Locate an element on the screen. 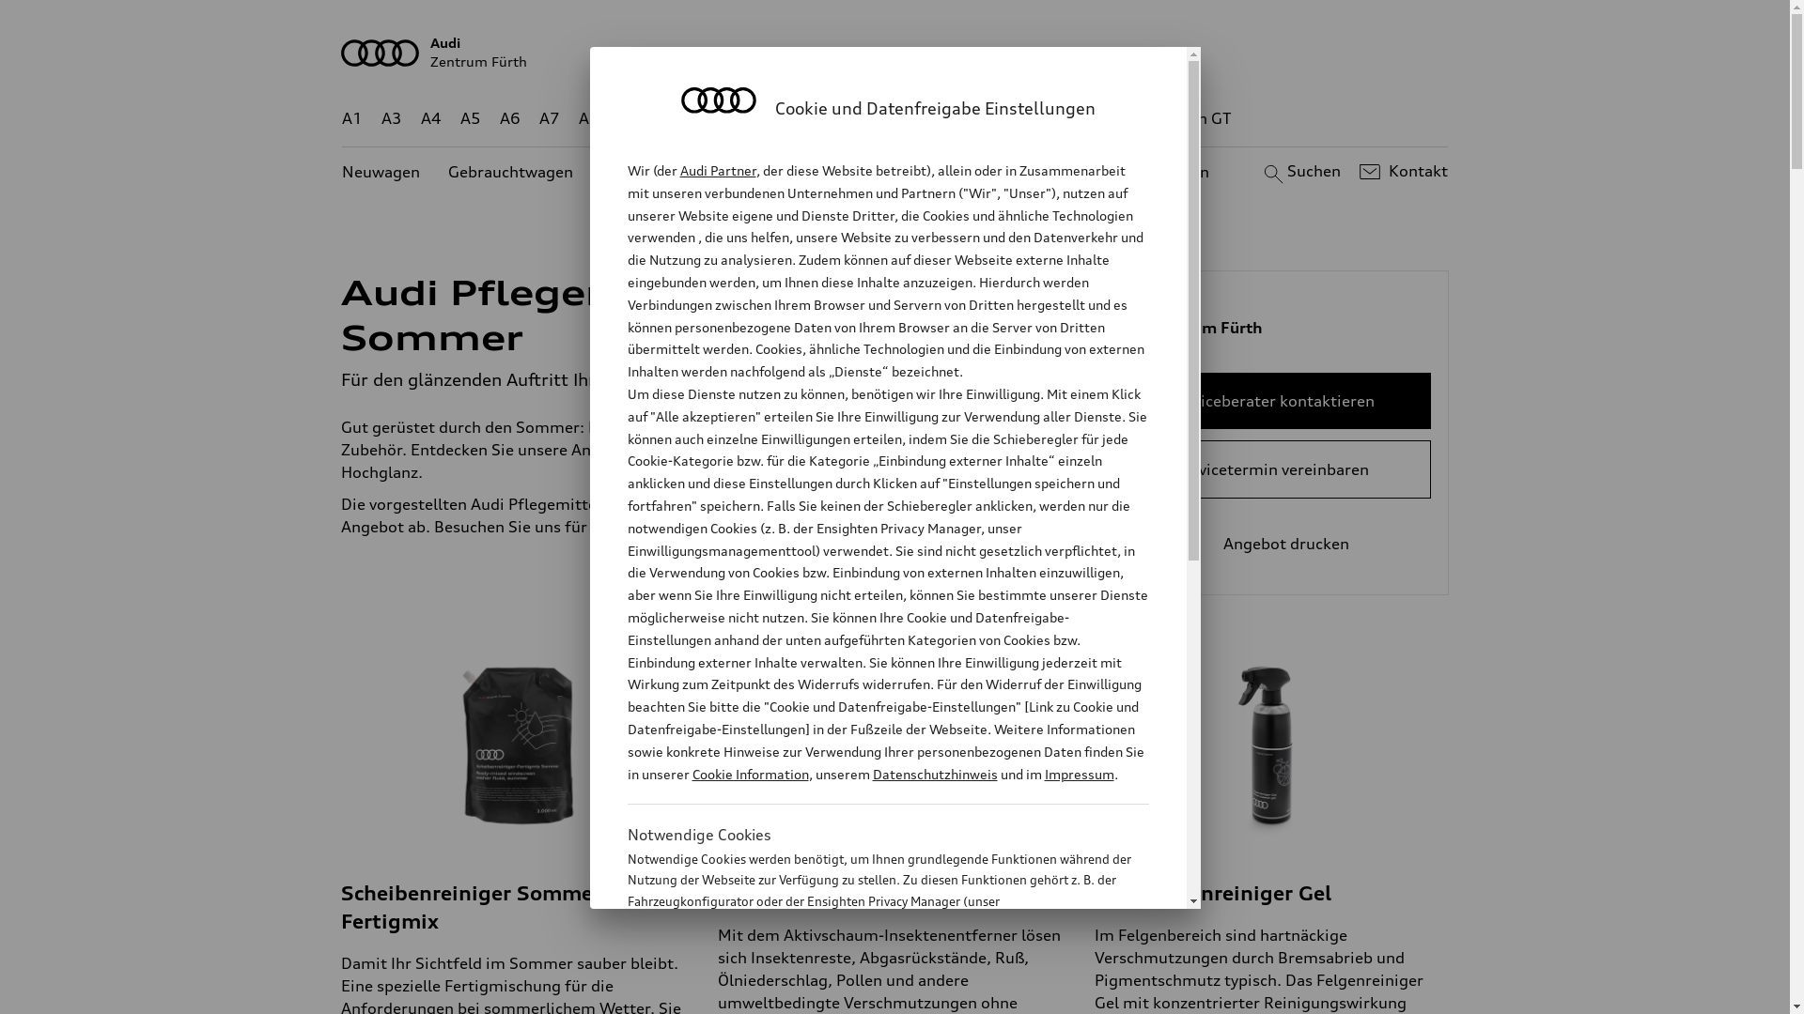 Image resolution: width=1804 pixels, height=1014 pixels. 'Q7' is located at coordinates (829, 118).